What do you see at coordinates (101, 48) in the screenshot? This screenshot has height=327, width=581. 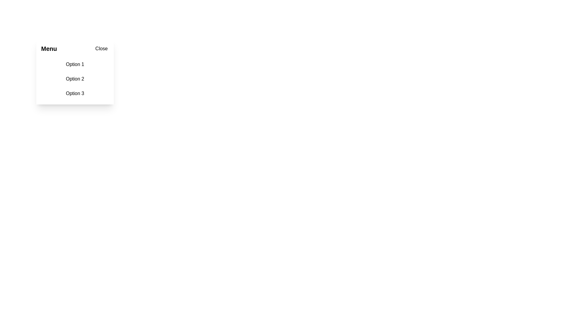 I see `the 'Close' button located at the top-right corner of the 'Menu' box, which has a minimalist design and black text` at bounding box center [101, 48].